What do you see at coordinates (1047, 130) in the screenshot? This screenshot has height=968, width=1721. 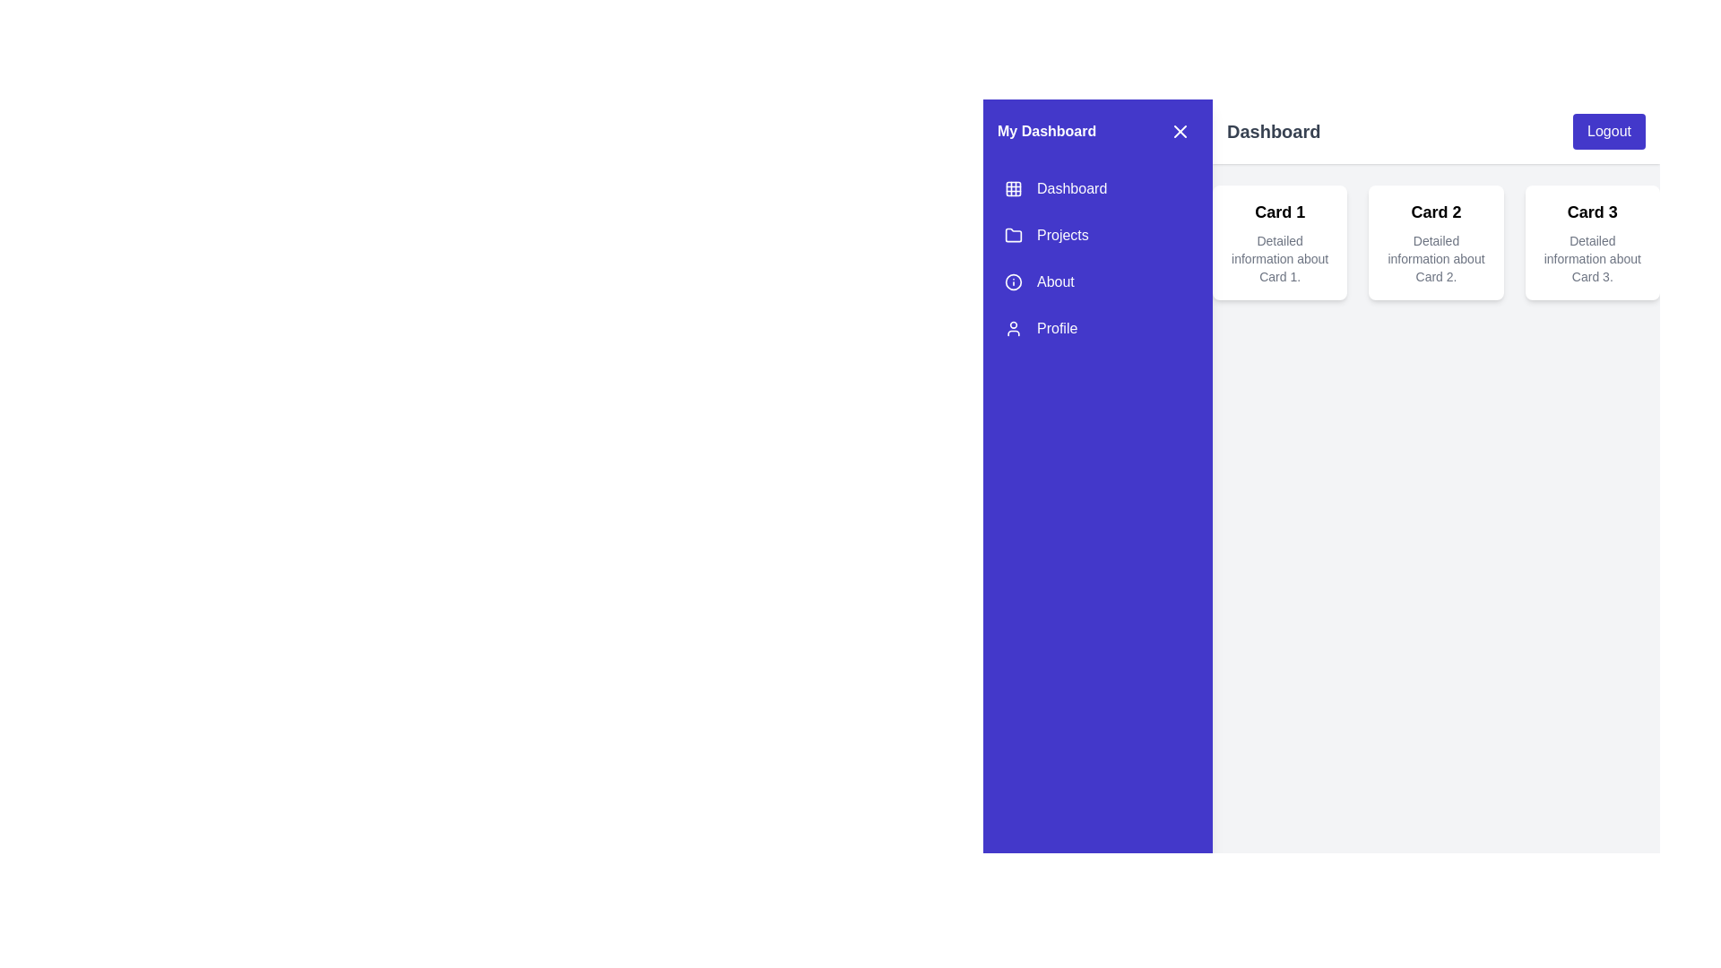 I see `the bold text label displaying 'My Dashboard' located at the top-left corner of the blue sidebar` at bounding box center [1047, 130].